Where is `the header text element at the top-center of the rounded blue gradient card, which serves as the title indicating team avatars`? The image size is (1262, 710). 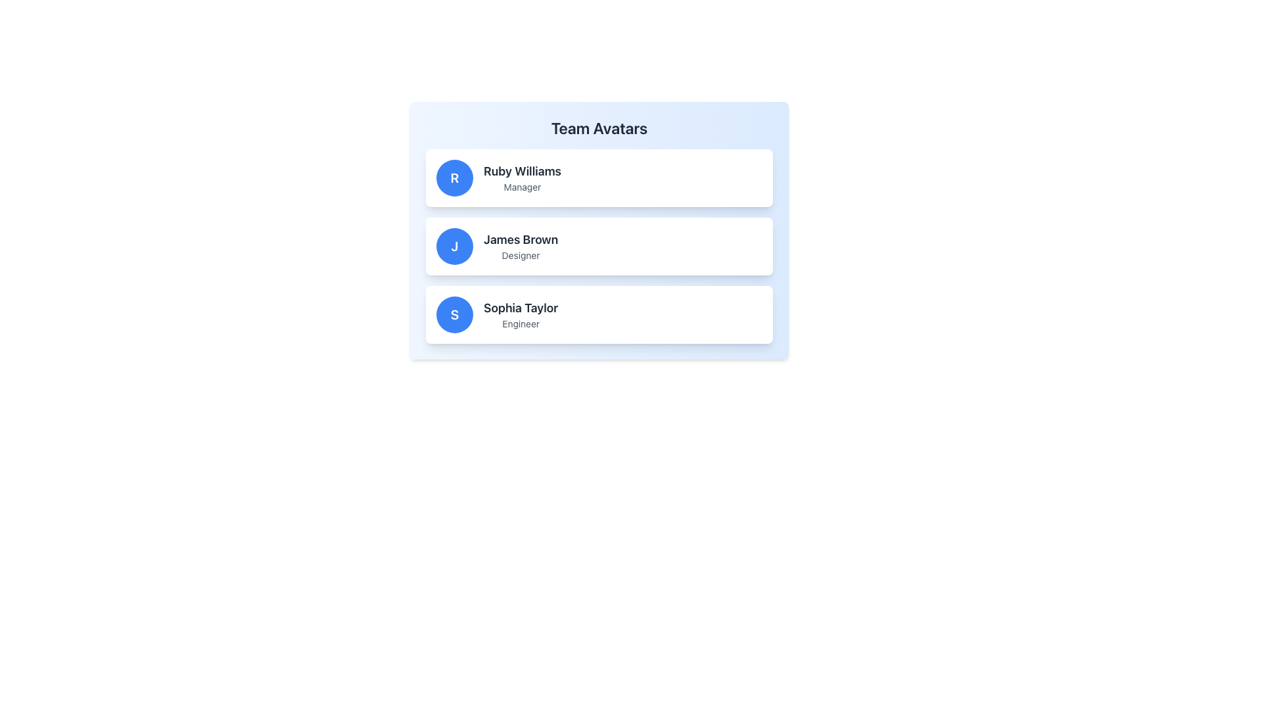 the header text element at the top-center of the rounded blue gradient card, which serves as the title indicating team avatars is located at coordinates (599, 128).